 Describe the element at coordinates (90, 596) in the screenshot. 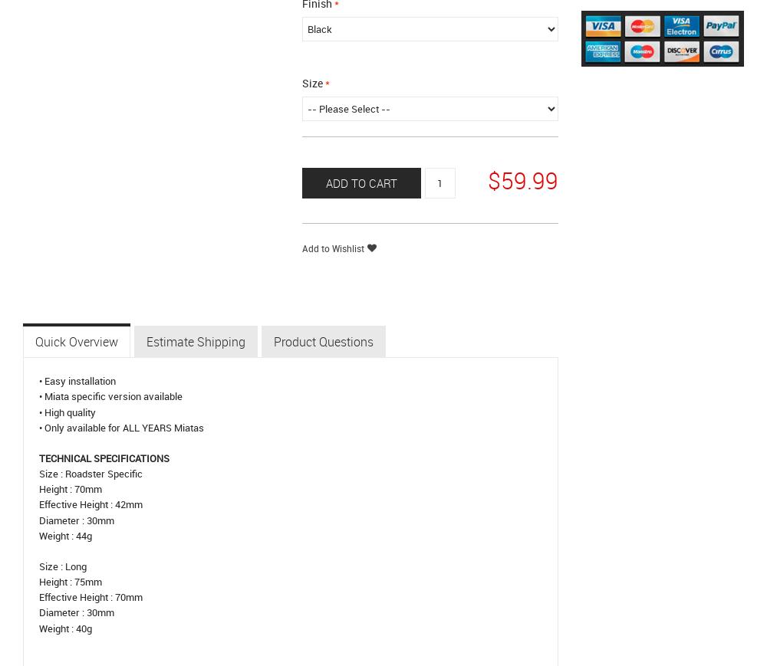

I see `'Effective Height : 70mm'` at that location.